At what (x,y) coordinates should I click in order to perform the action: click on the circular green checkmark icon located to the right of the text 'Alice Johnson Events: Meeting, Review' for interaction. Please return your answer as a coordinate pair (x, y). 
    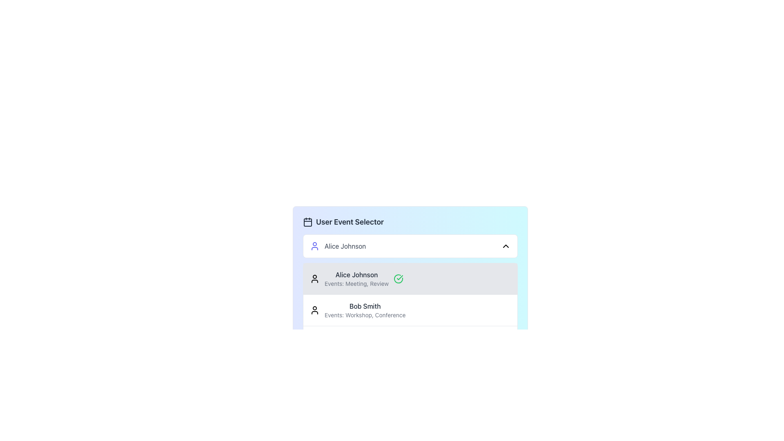
    Looking at the image, I should click on (398, 278).